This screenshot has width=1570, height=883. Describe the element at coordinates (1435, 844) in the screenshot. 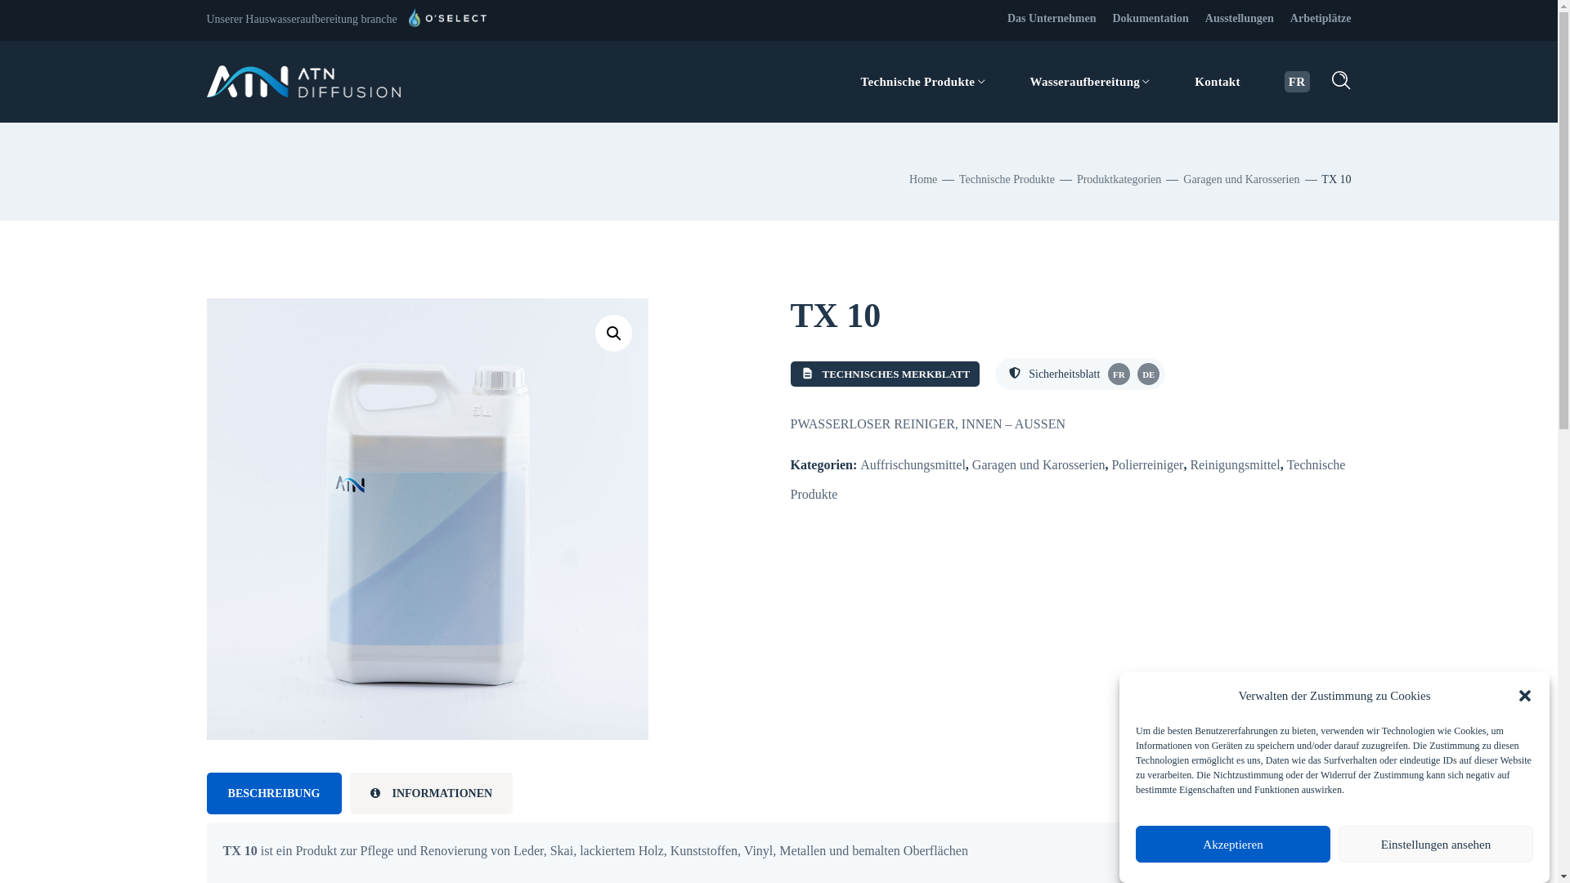

I see `'Einstellungen ansehen'` at that location.